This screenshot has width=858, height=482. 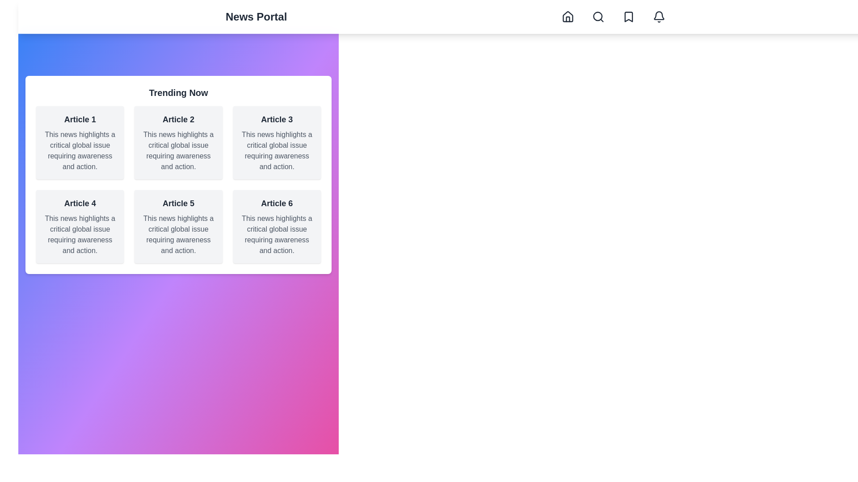 What do you see at coordinates (659, 17) in the screenshot?
I see `the Bell navigation button` at bounding box center [659, 17].